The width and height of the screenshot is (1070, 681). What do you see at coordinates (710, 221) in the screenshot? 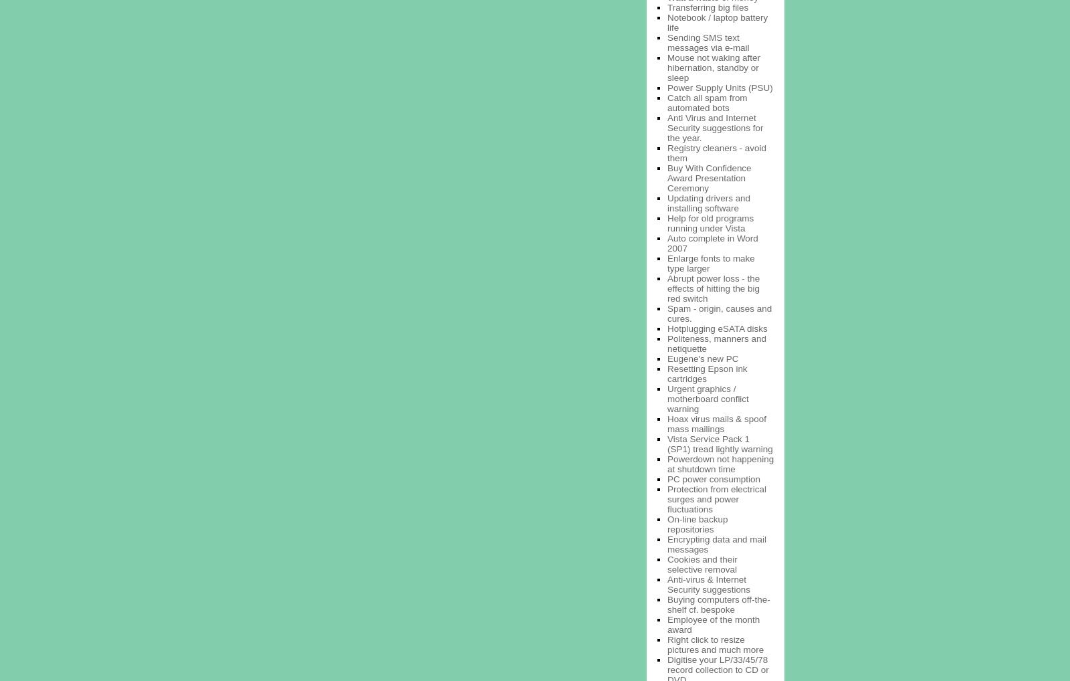
I see `'Help for old programs running under Vista'` at bounding box center [710, 221].